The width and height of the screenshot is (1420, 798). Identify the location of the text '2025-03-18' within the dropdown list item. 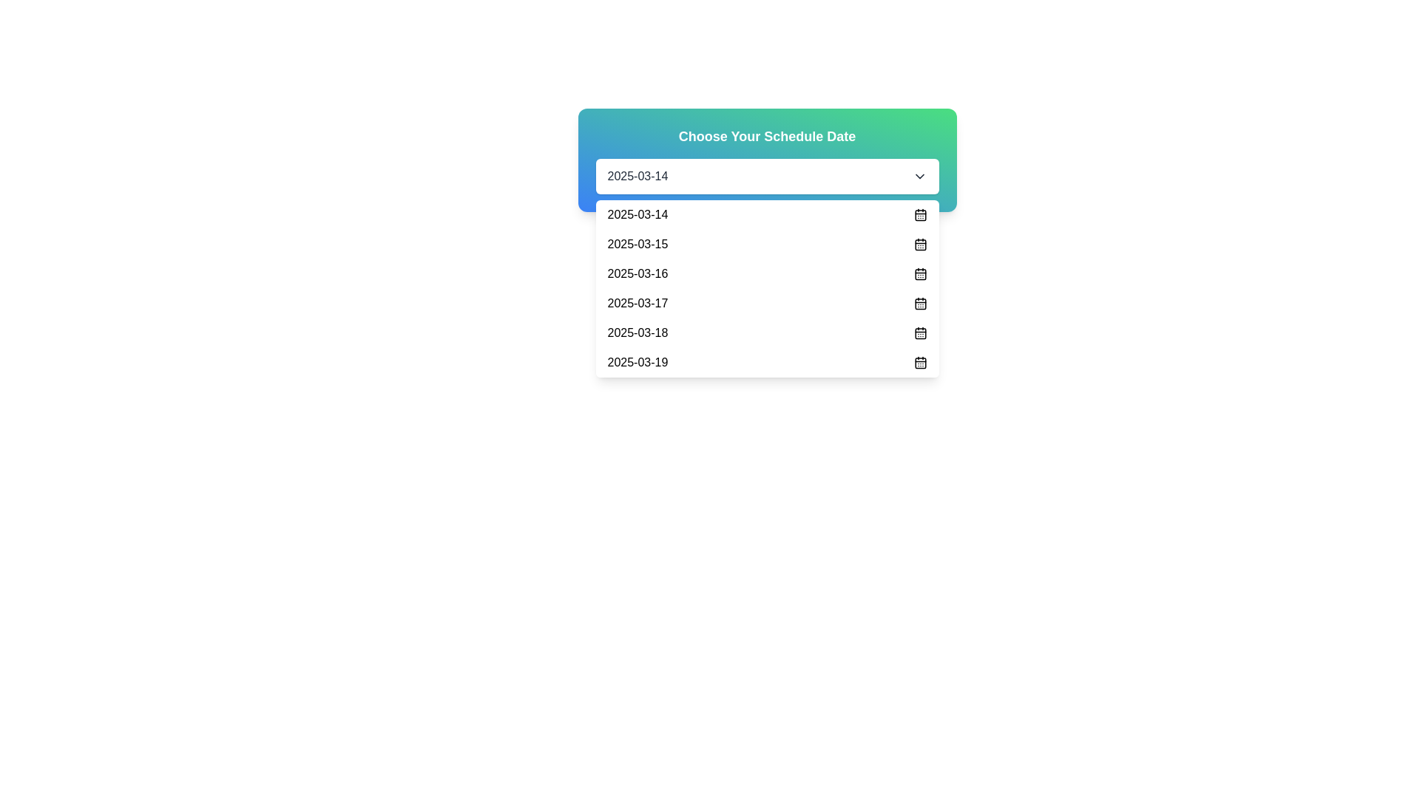
(638, 333).